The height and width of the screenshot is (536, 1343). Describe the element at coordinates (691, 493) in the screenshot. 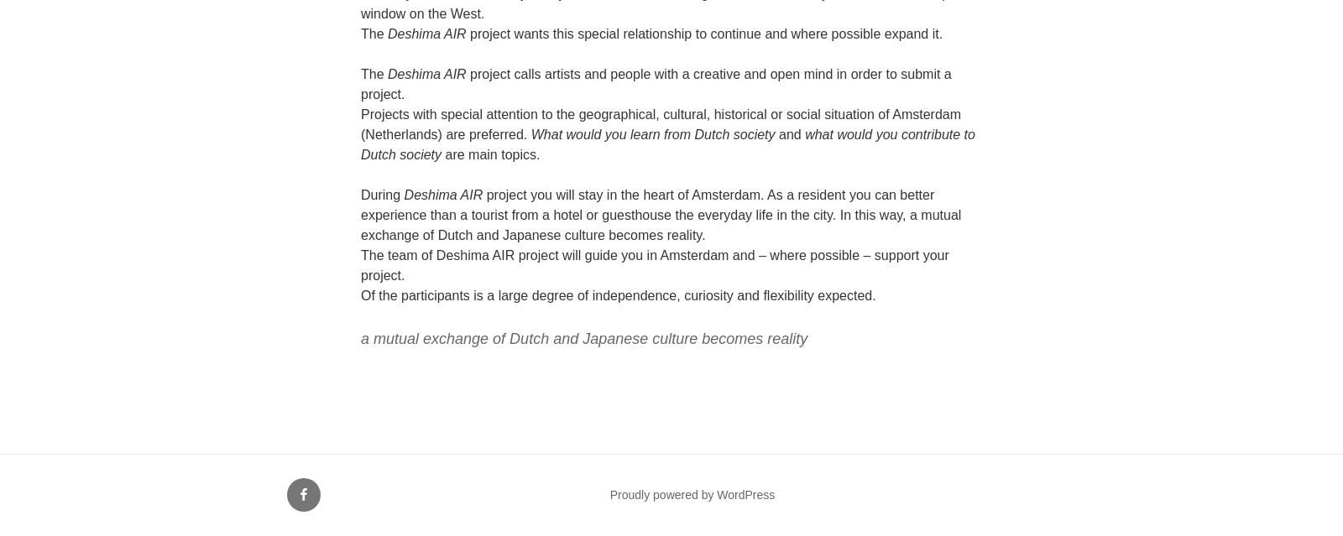

I see `'Proudly powered by WordPress'` at that location.